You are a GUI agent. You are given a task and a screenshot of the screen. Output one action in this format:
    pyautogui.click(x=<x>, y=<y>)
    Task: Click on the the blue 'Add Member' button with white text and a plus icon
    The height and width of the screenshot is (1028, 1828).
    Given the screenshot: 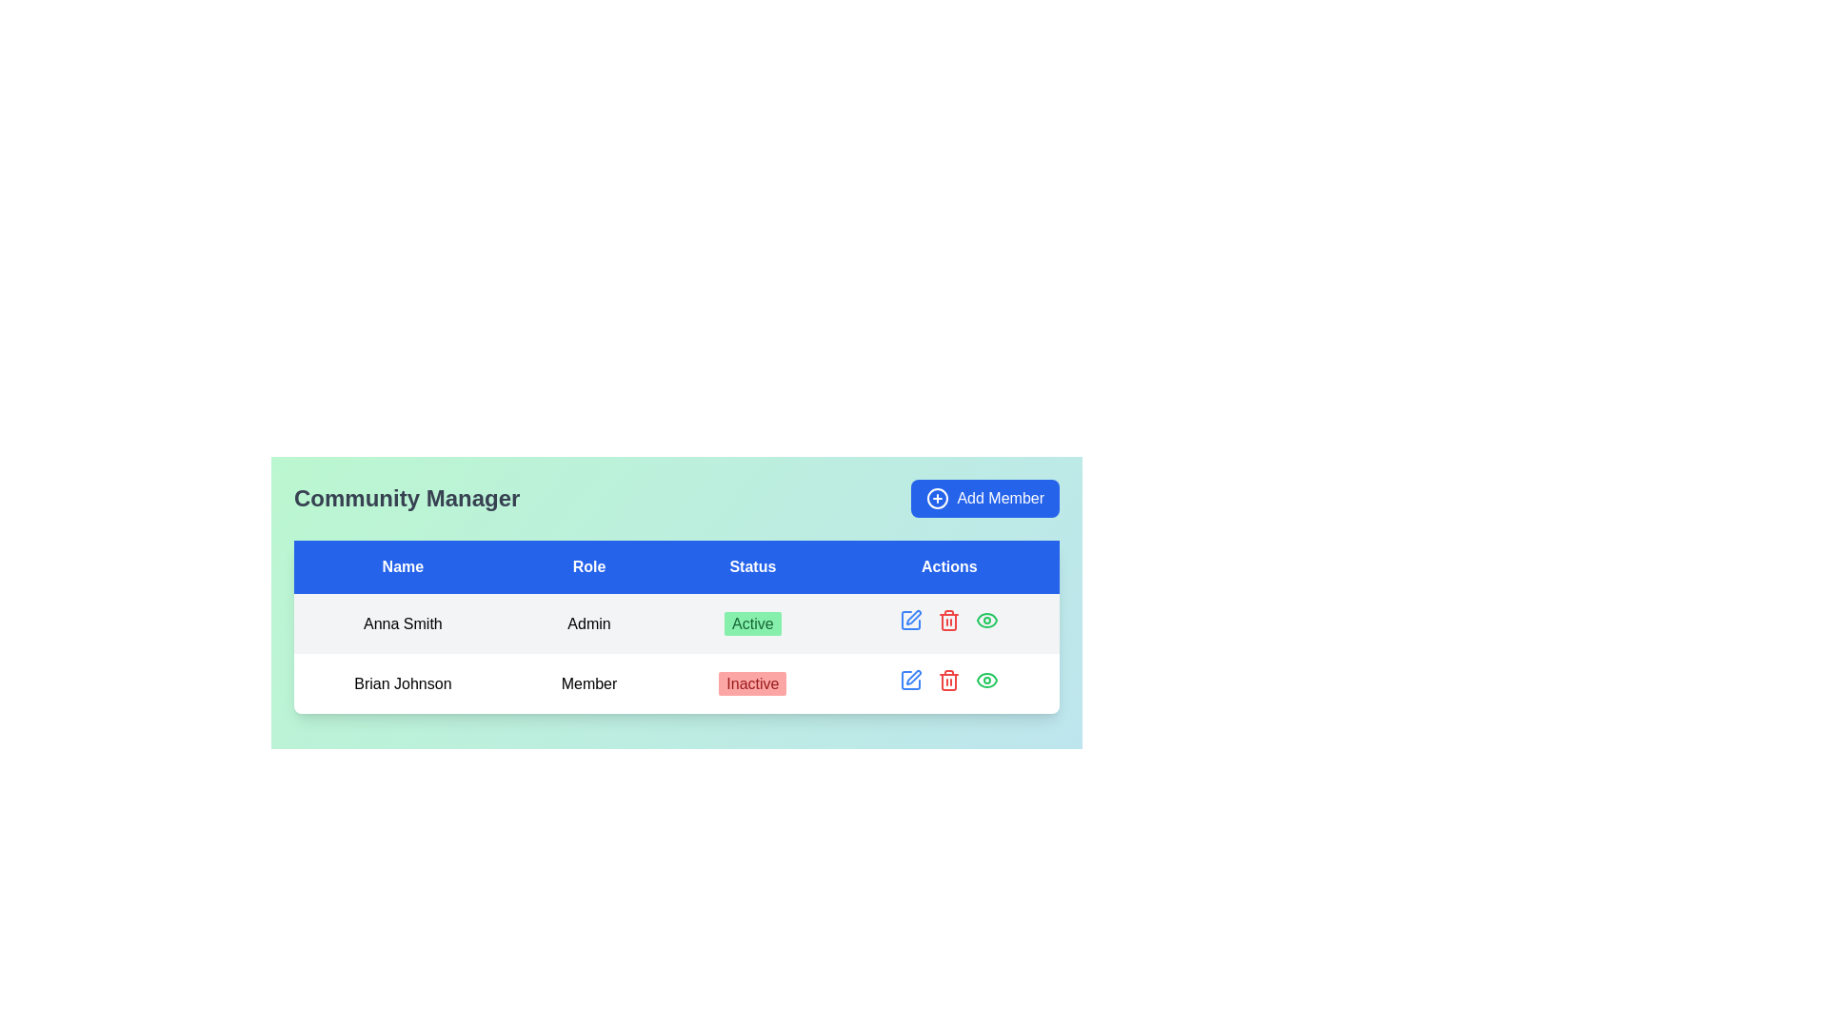 What is the action you would take?
    pyautogui.click(x=985, y=498)
    